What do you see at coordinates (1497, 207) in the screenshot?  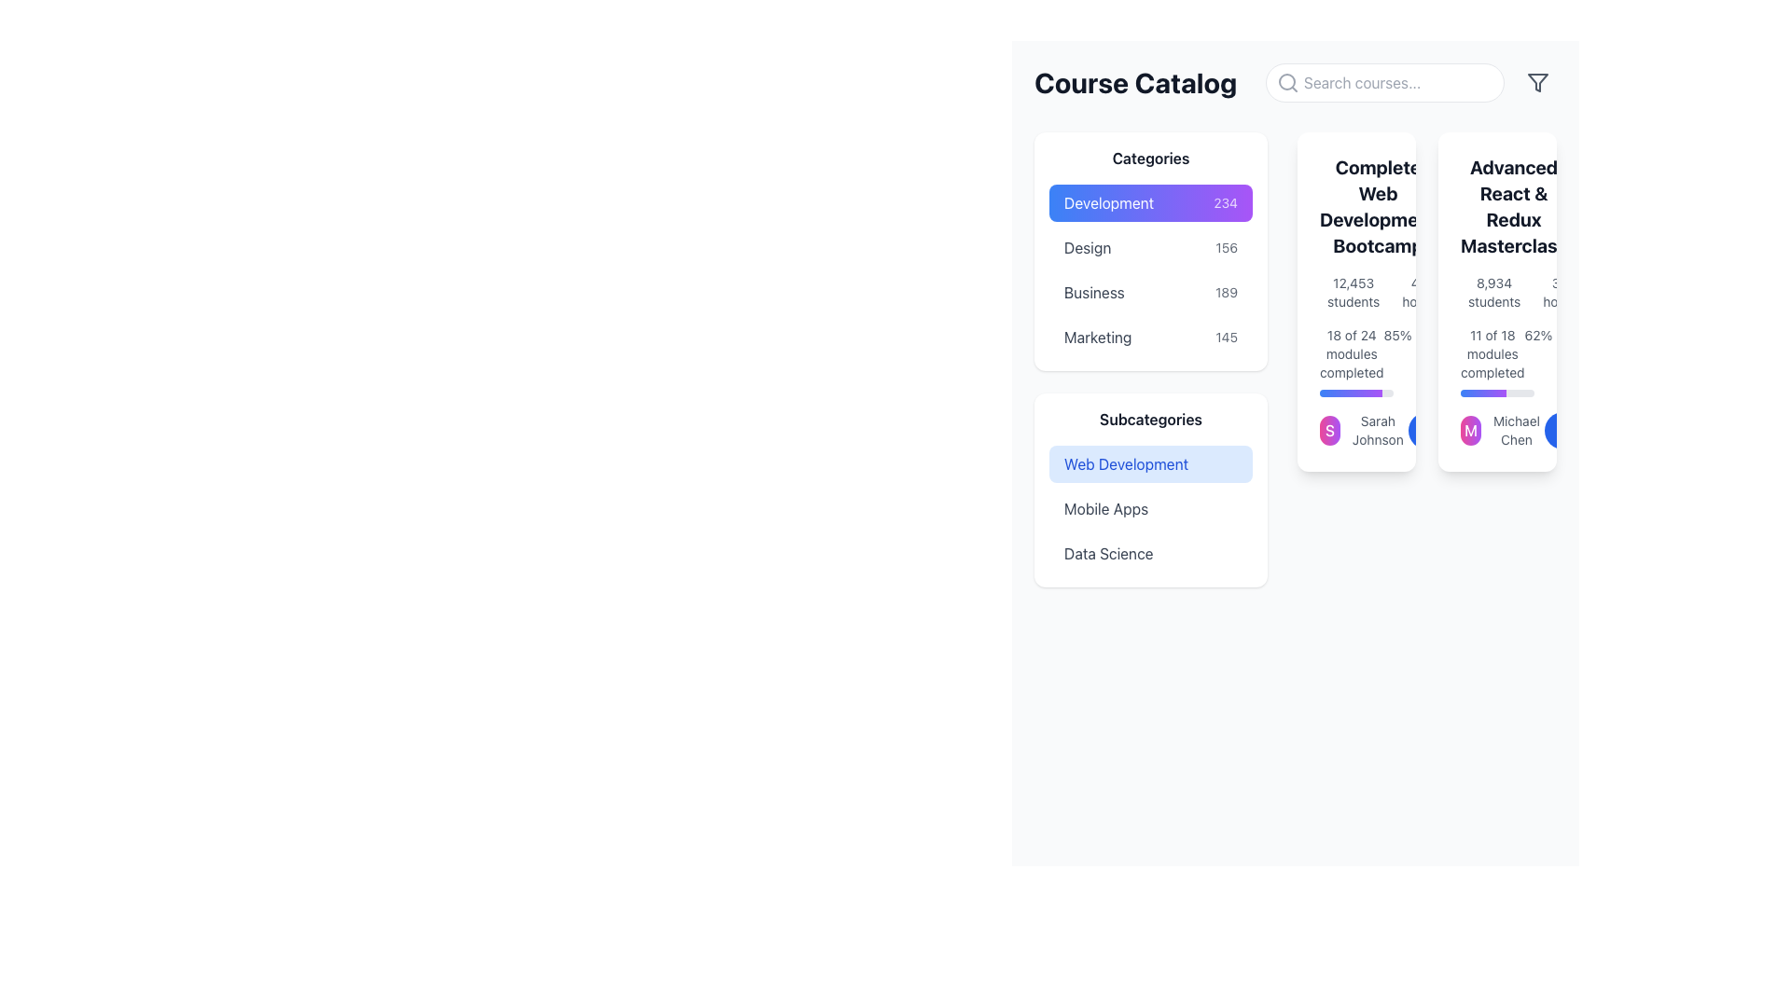 I see `the heading styled with bold and large font displaying 'Advanced React & Redux Masterclass', located at the top of the course card` at bounding box center [1497, 207].